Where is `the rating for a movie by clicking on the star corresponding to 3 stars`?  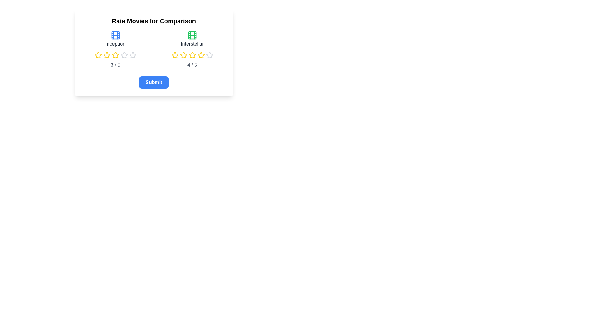
the rating for a movie by clicking on the star corresponding to 3 stars is located at coordinates (112, 55).